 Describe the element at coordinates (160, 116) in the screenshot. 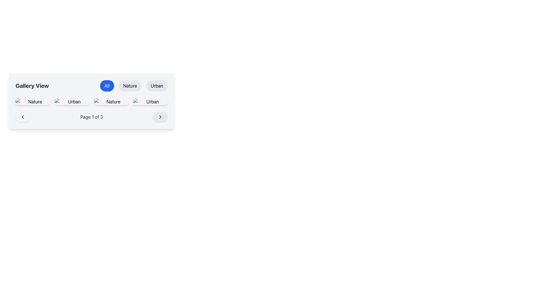

I see `the right-pointing chevron icon located in the pagination control section` at that location.